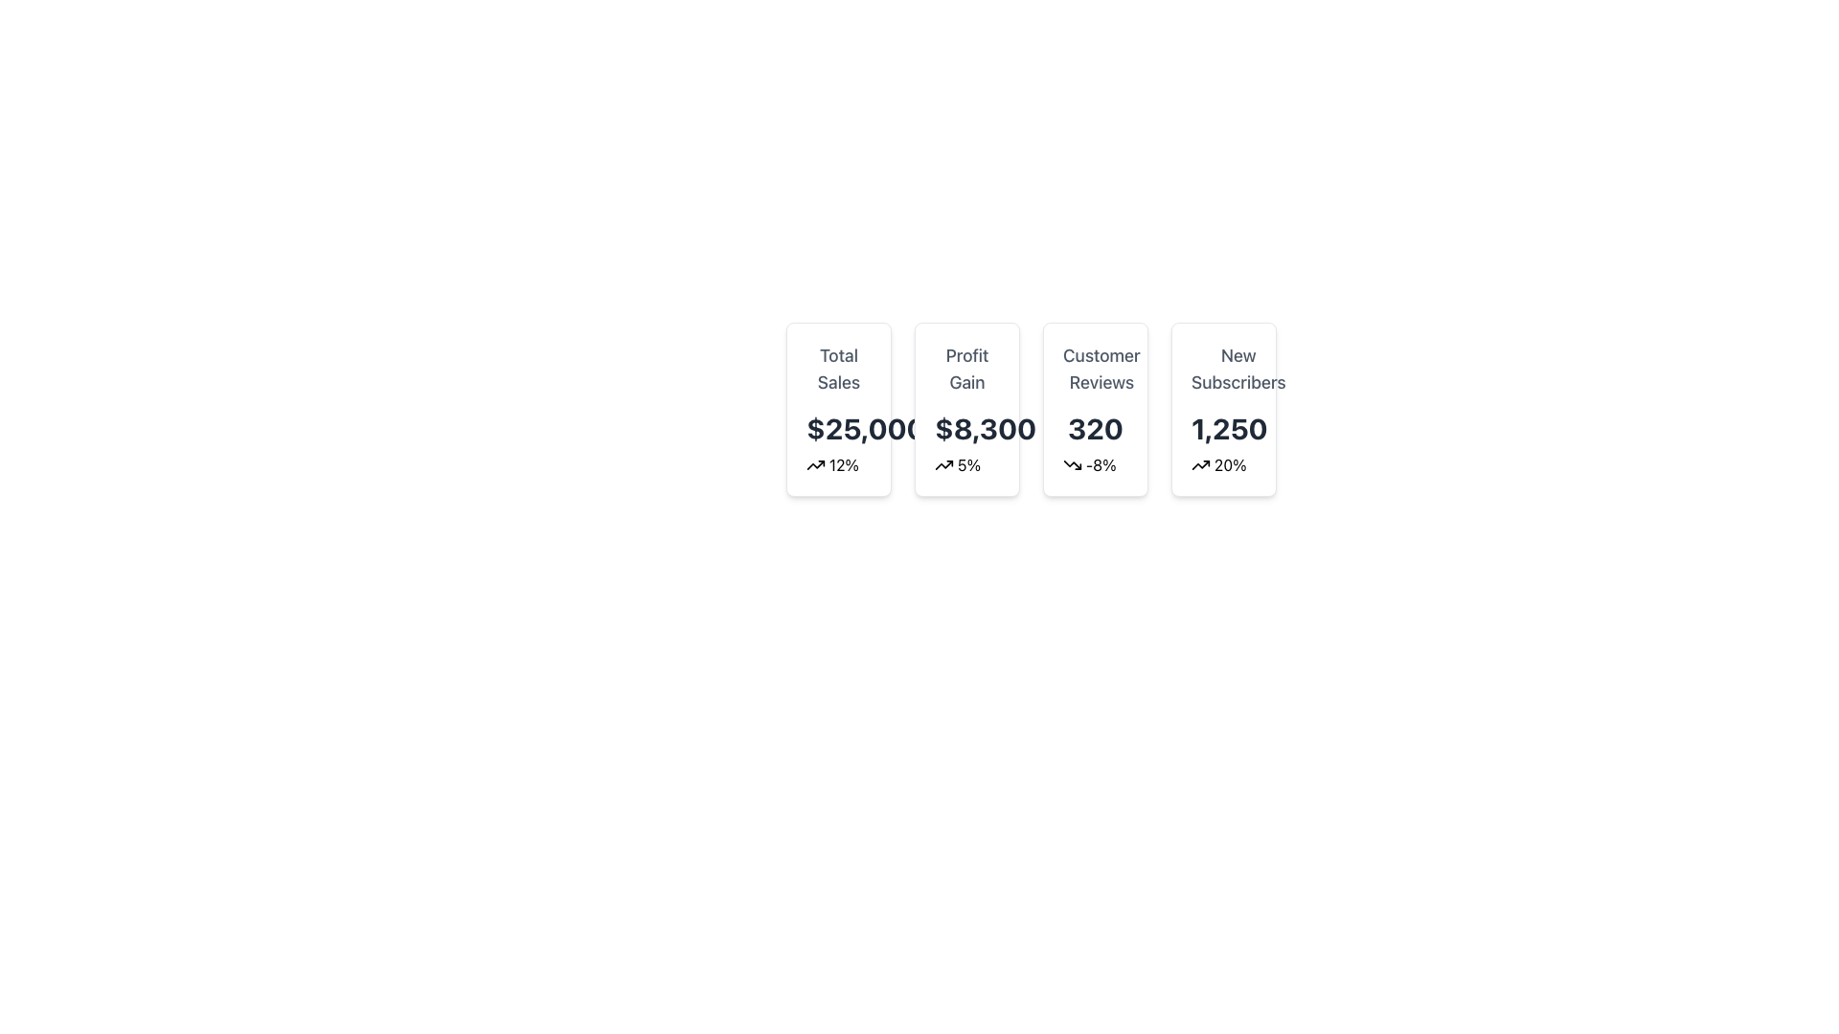 Image resolution: width=1839 pixels, height=1034 pixels. I want to click on the 'Profit Gain' text label styled in dark gray, located at the top of the second card in a group of four horizontally aligned cards, so click(966, 369).